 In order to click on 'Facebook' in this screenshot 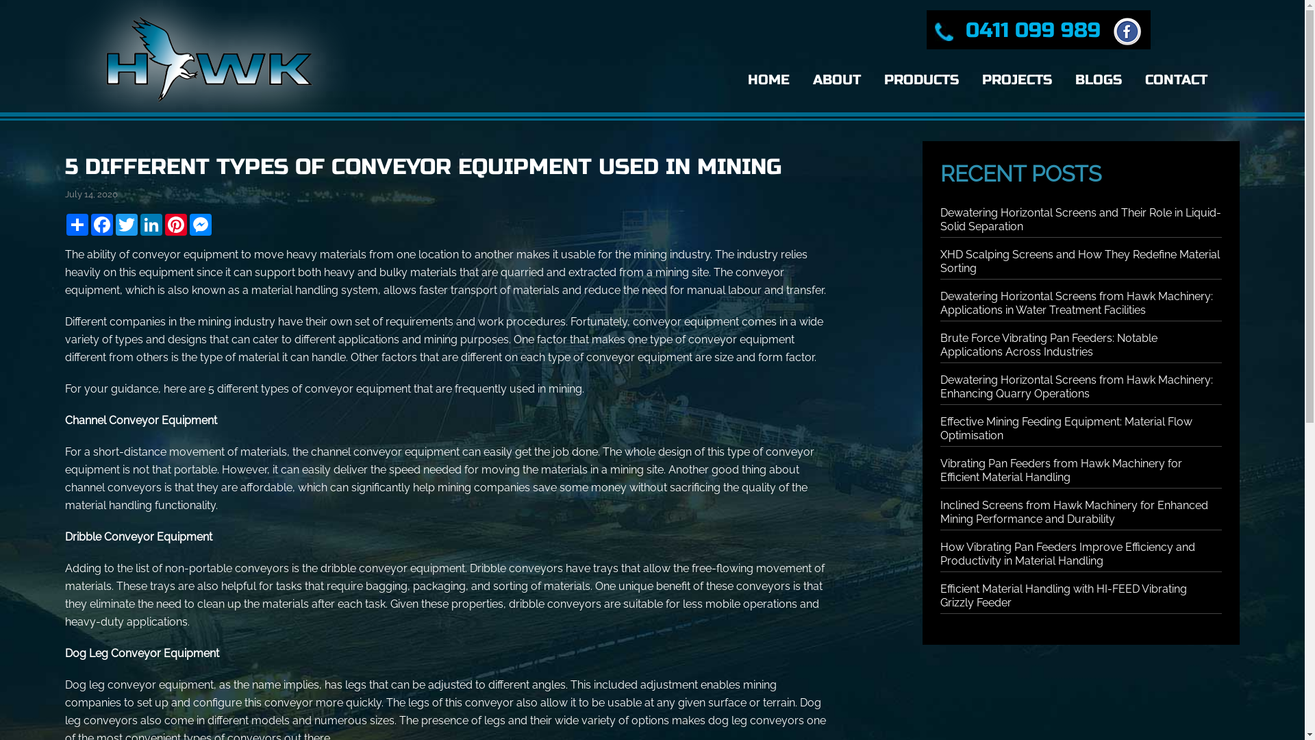, I will do `click(101, 223)`.